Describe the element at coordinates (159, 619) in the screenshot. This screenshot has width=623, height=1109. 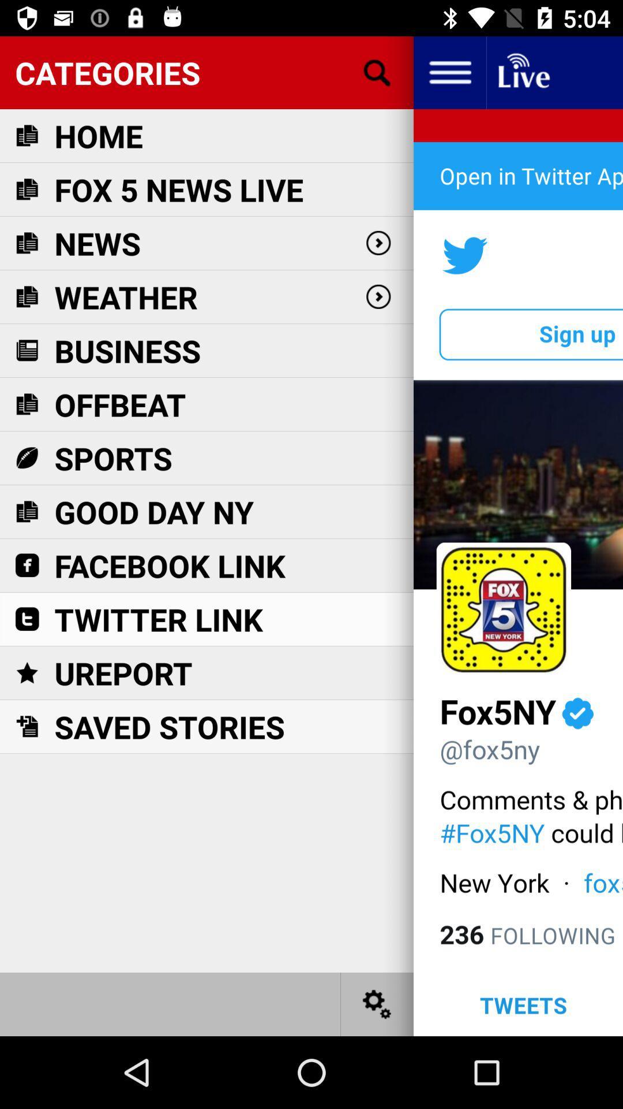
I see `the twitter link icon` at that location.